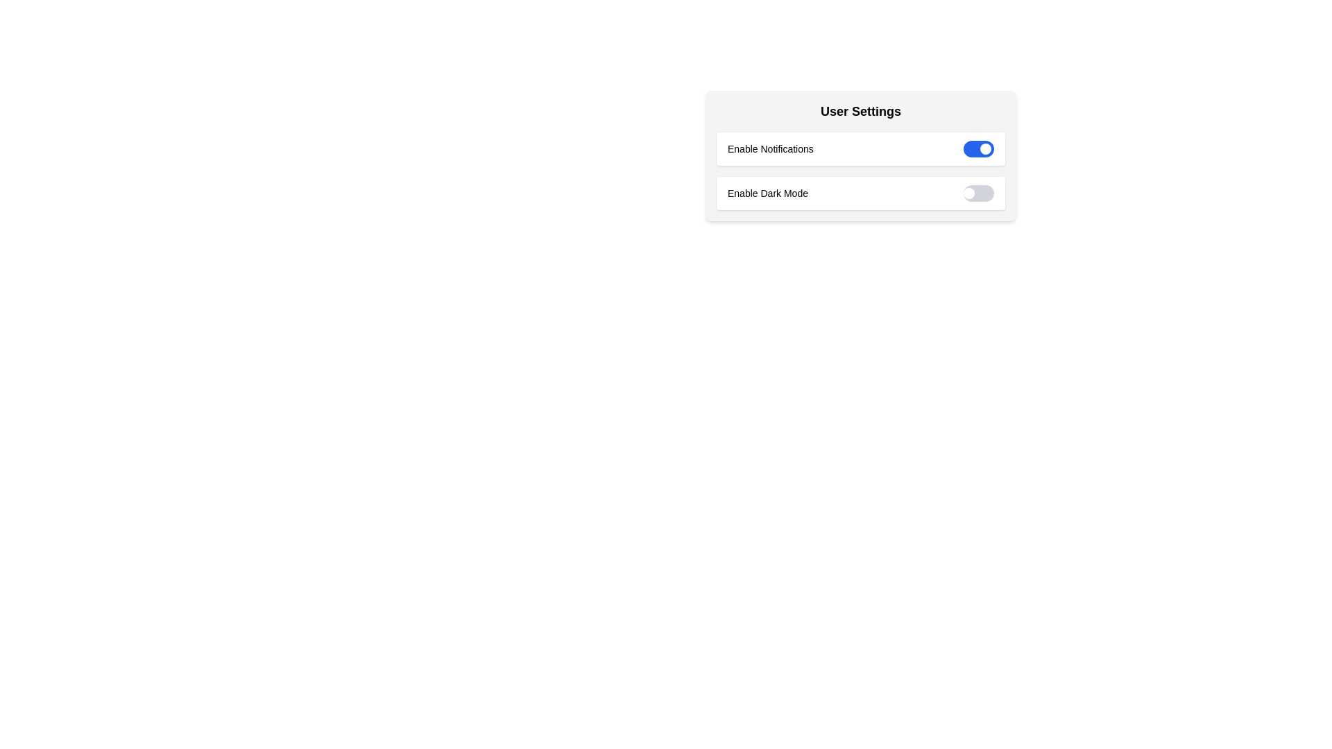 The height and width of the screenshot is (749, 1332). What do you see at coordinates (767, 193) in the screenshot?
I see `the text label indicating the functionality of enabling or disabling dark mode, which is located to the left of its associated toggle switch` at bounding box center [767, 193].